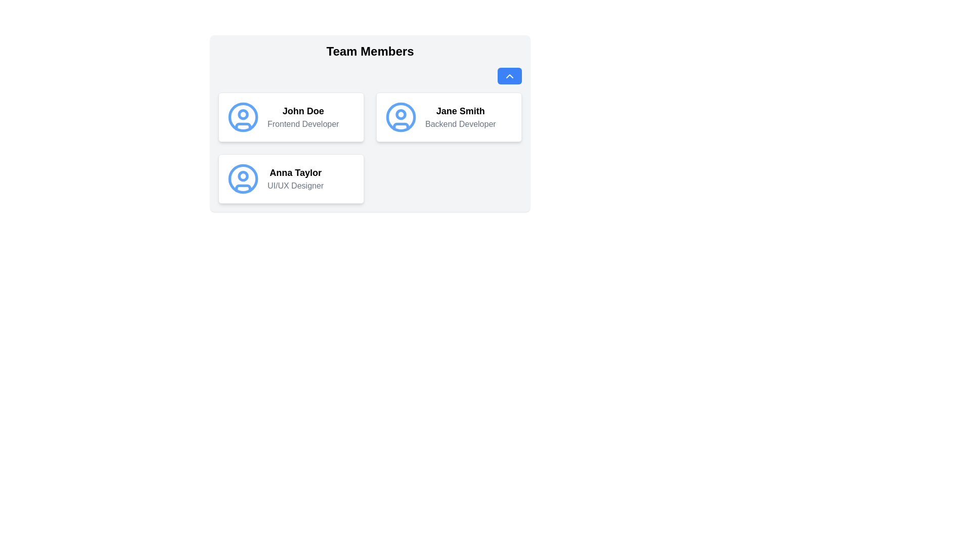 The height and width of the screenshot is (546, 971). Describe the element at coordinates (302, 111) in the screenshot. I see `the text label displaying the name 'John Doe' located in the top-left section of the interface, above the text 'Frontend Developer' and to the right of the avatar icon` at that location.